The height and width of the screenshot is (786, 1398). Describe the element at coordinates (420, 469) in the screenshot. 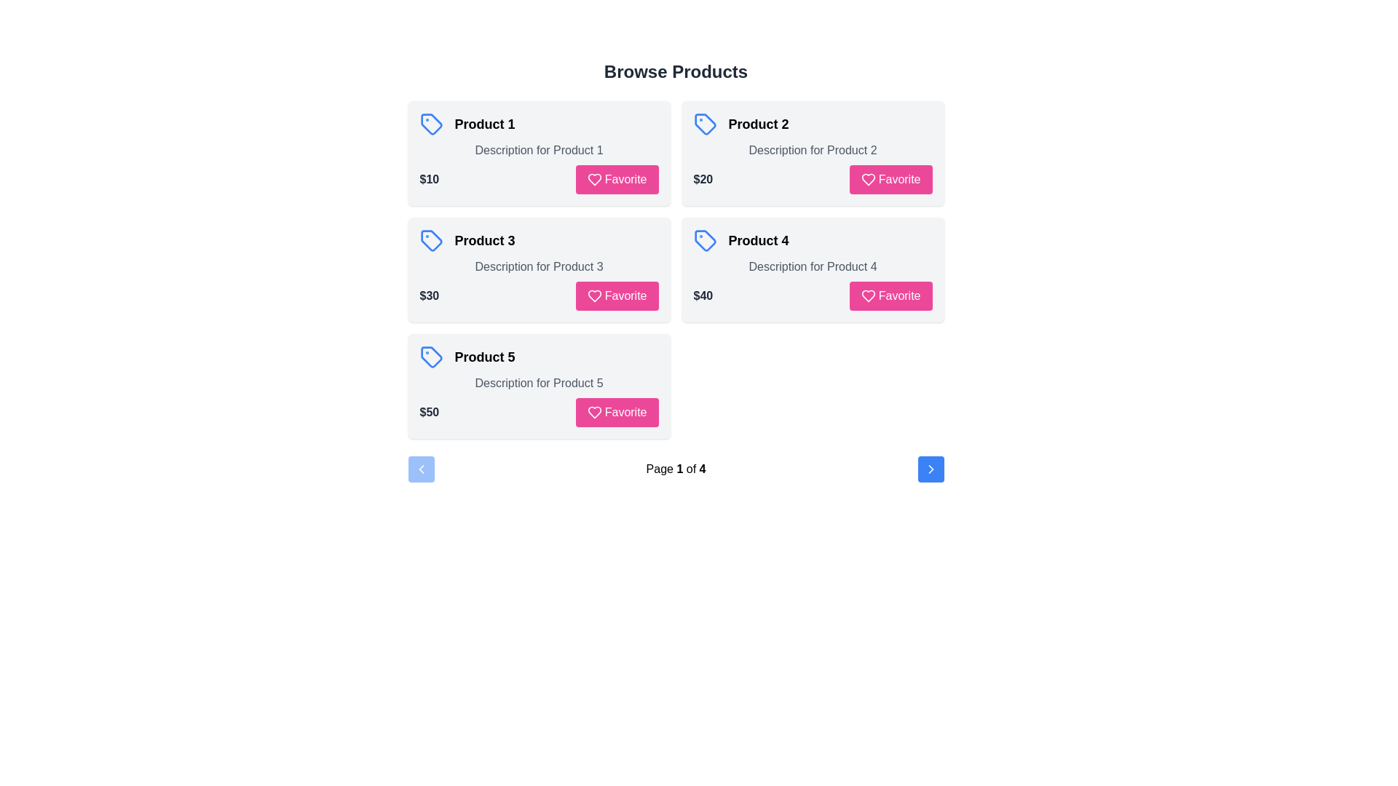

I see `the button located in the bottom-left corner of the pagination controls` at that location.